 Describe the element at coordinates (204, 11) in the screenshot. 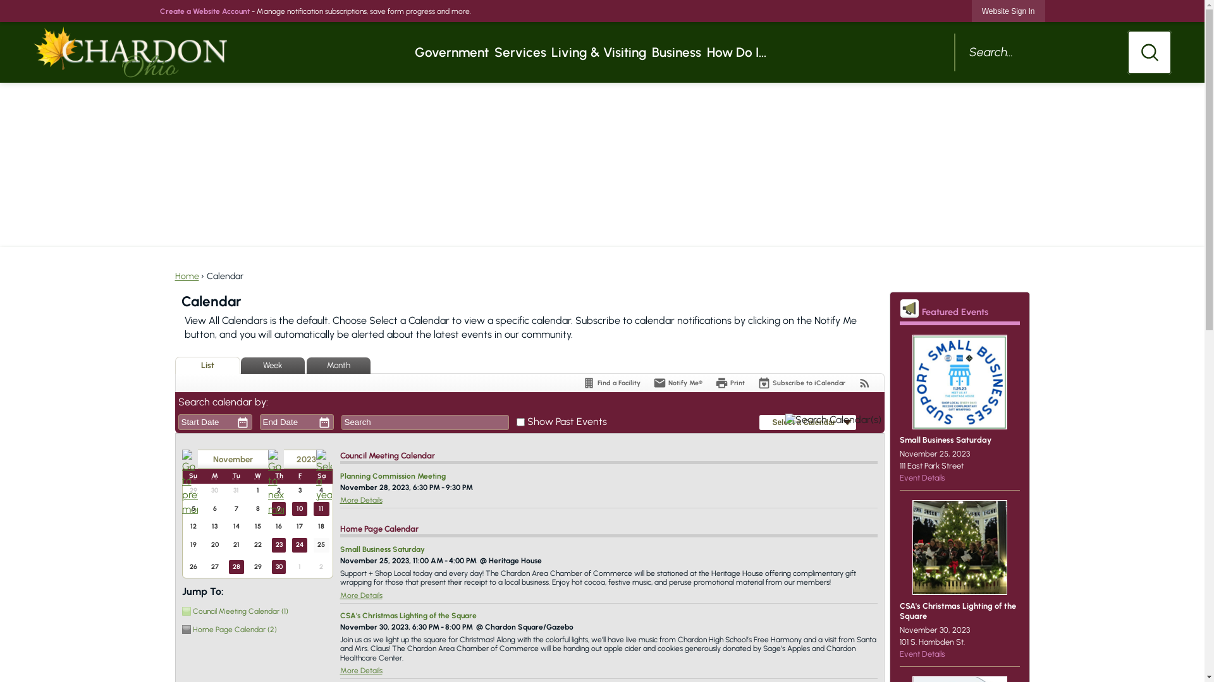

I see `'Create a Website Account'` at that location.